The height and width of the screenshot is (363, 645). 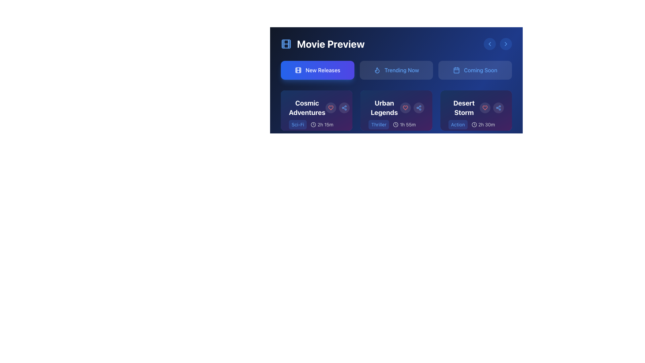 I want to click on the circular SVG shape that is part of the clock icon within the 'Urban Legends' card component, so click(x=396, y=124).